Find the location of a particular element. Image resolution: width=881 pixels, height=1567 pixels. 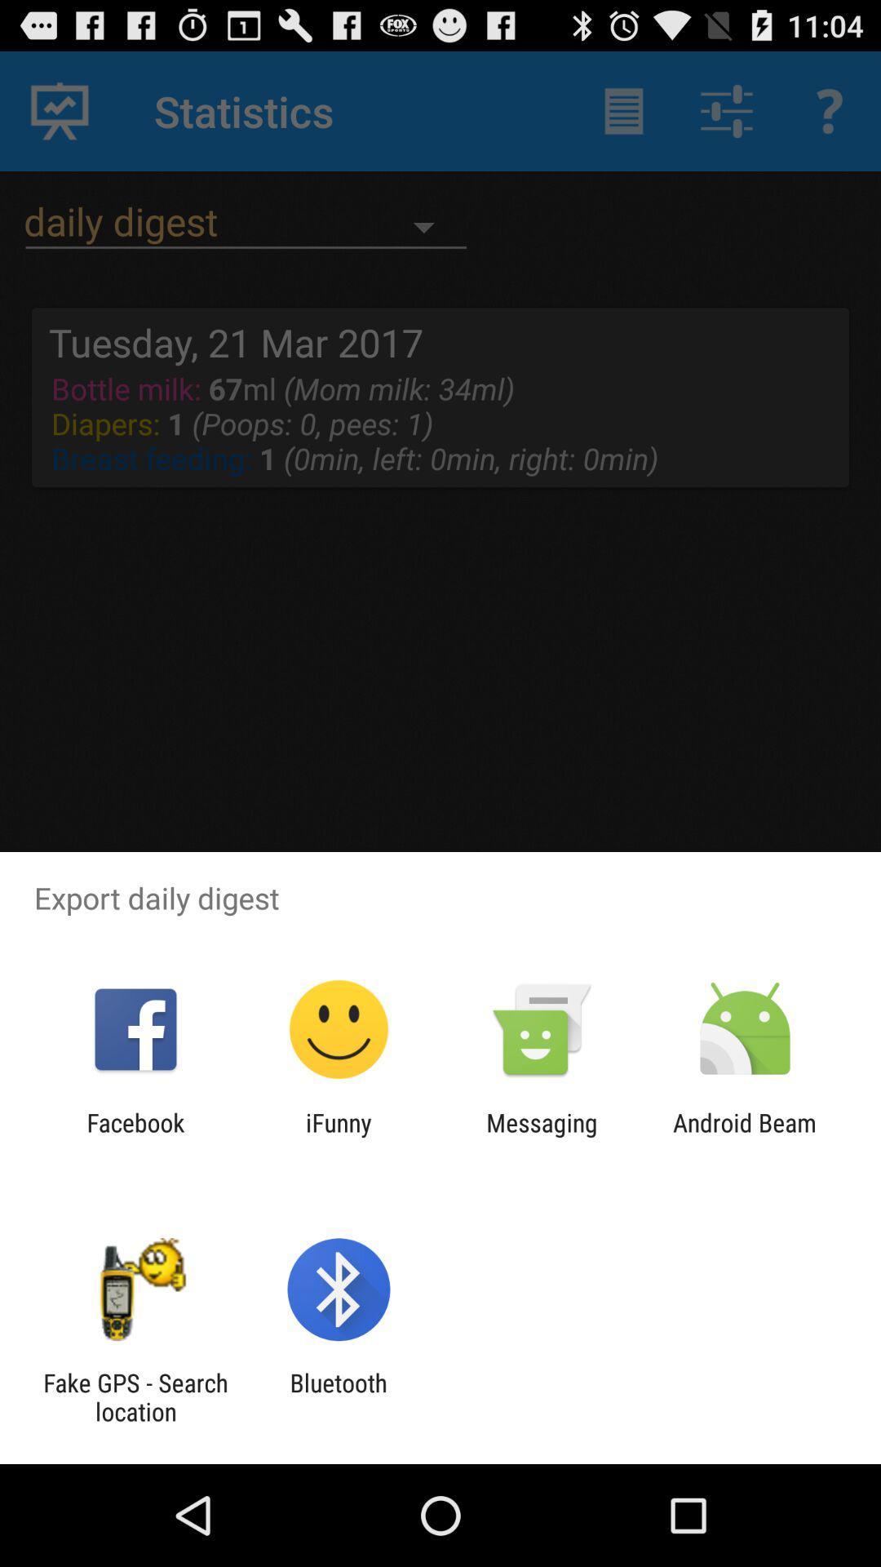

app to the left of the bluetooth app is located at coordinates (135, 1396).